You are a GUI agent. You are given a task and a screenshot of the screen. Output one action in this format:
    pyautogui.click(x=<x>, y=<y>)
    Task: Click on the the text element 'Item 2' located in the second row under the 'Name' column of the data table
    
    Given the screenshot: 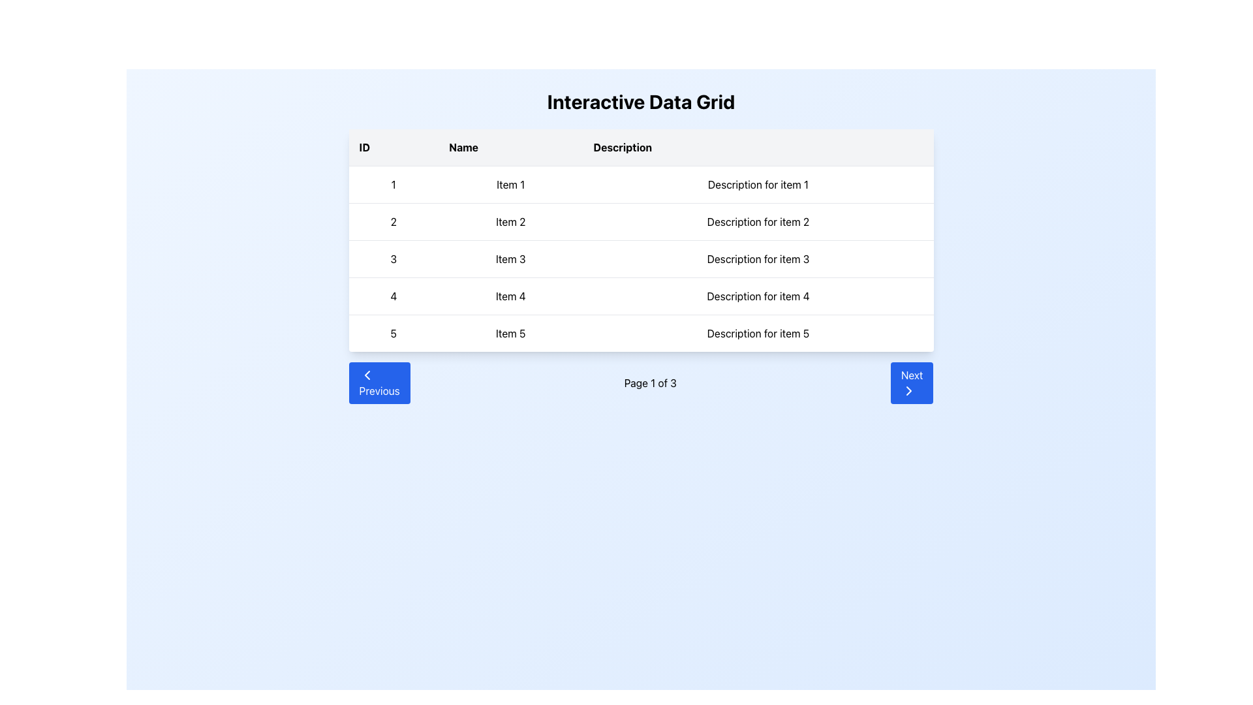 What is the action you would take?
    pyautogui.click(x=510, y=221)
    